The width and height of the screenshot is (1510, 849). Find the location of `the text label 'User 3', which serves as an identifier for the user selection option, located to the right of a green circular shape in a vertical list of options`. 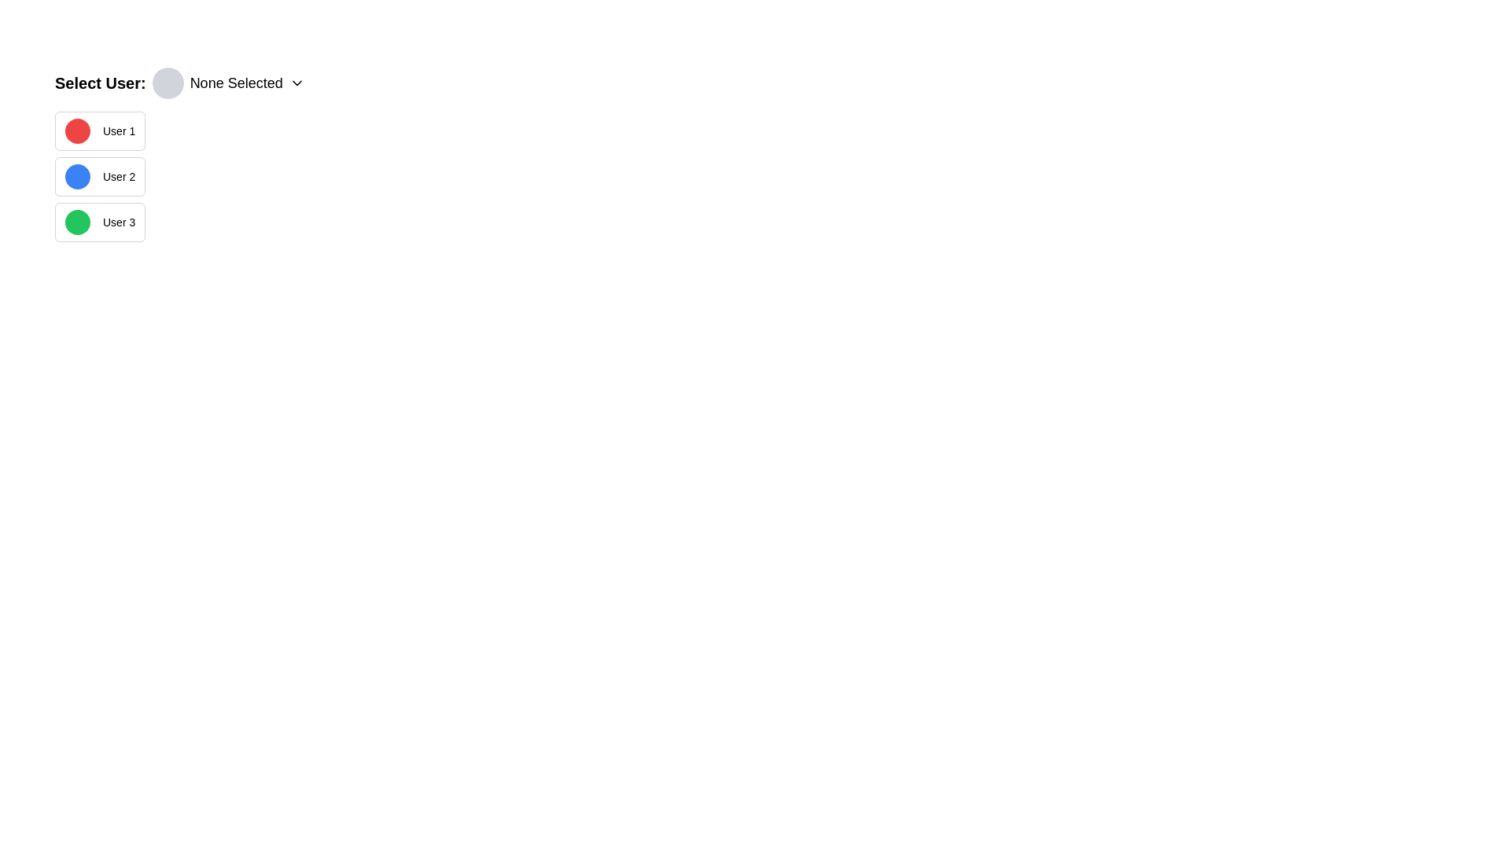

the text label 'User 3', which serves as an identifier for the user selection option, located to the right of a green circular shape in a vertical list of options is located at coordinates (118, 222).